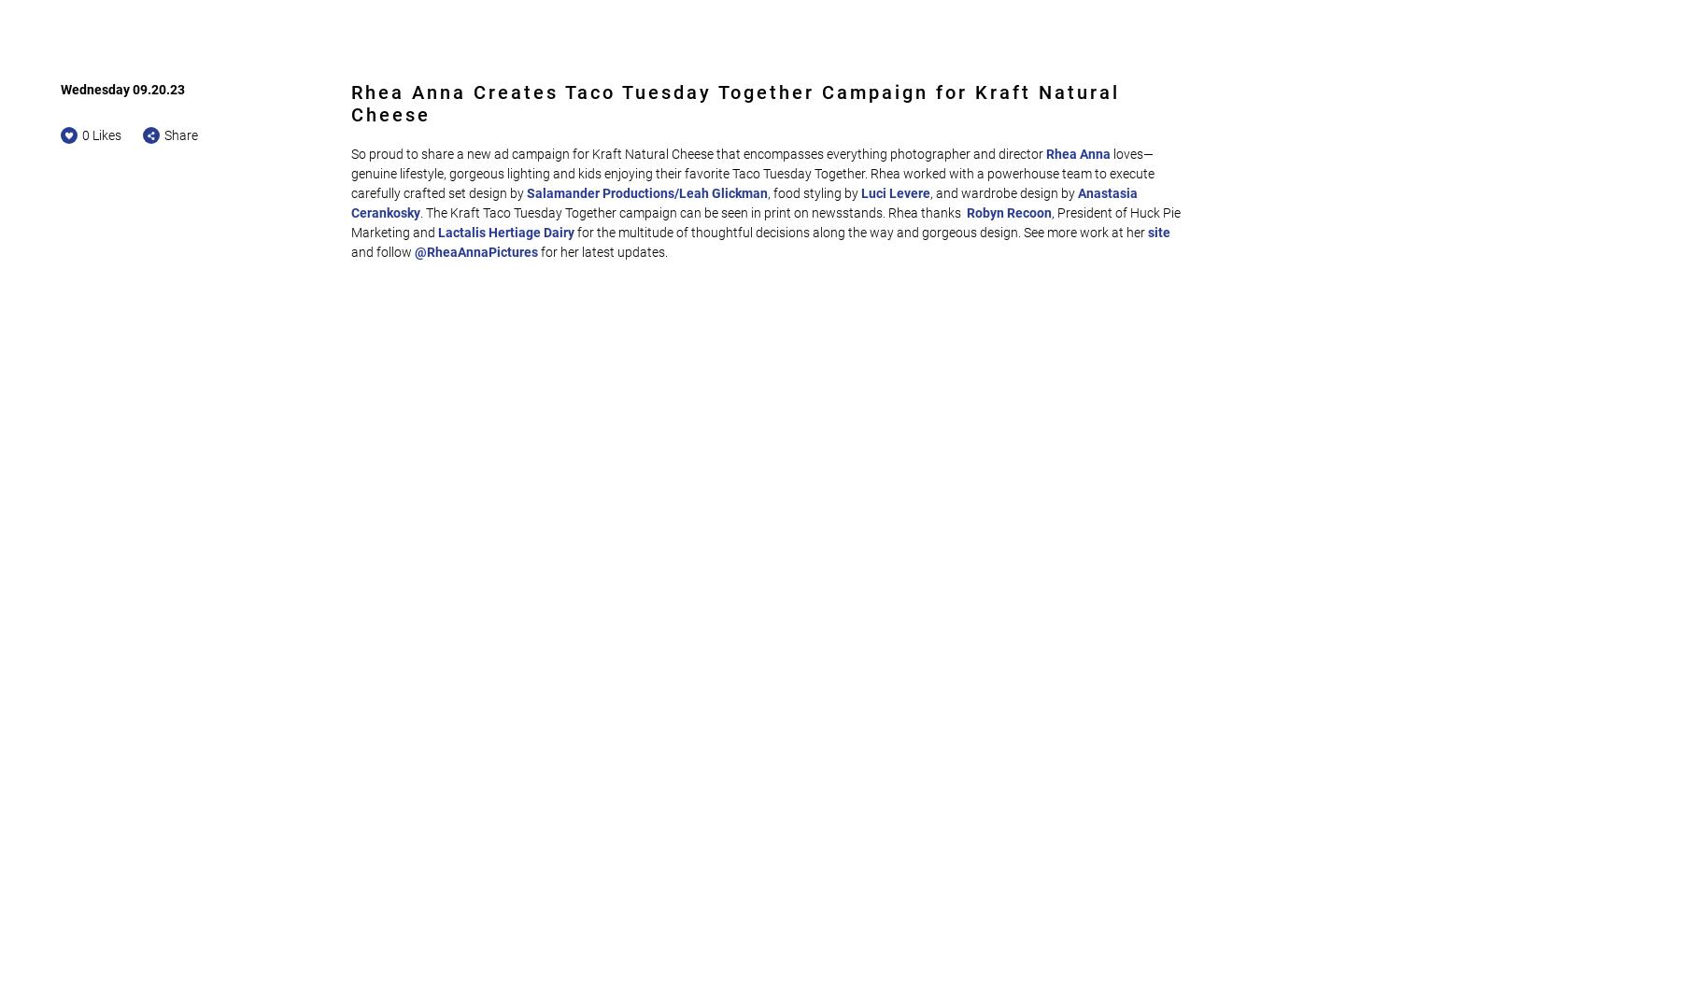 This screenshot has width=1686, height=1005. What do you see at coordinates (163, 135) in the screenshot?
I see `'Share'` at bounding box center [163, 135].